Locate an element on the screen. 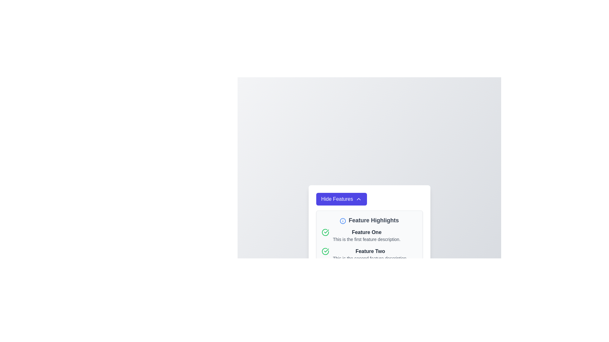 The height and width of the screenshot is (342, 609). the status indicator icon located to the immediate left of the text label 'Feature One', which signals that the feature is available, active, or successfully enabled is located at coordinates (325, 232).